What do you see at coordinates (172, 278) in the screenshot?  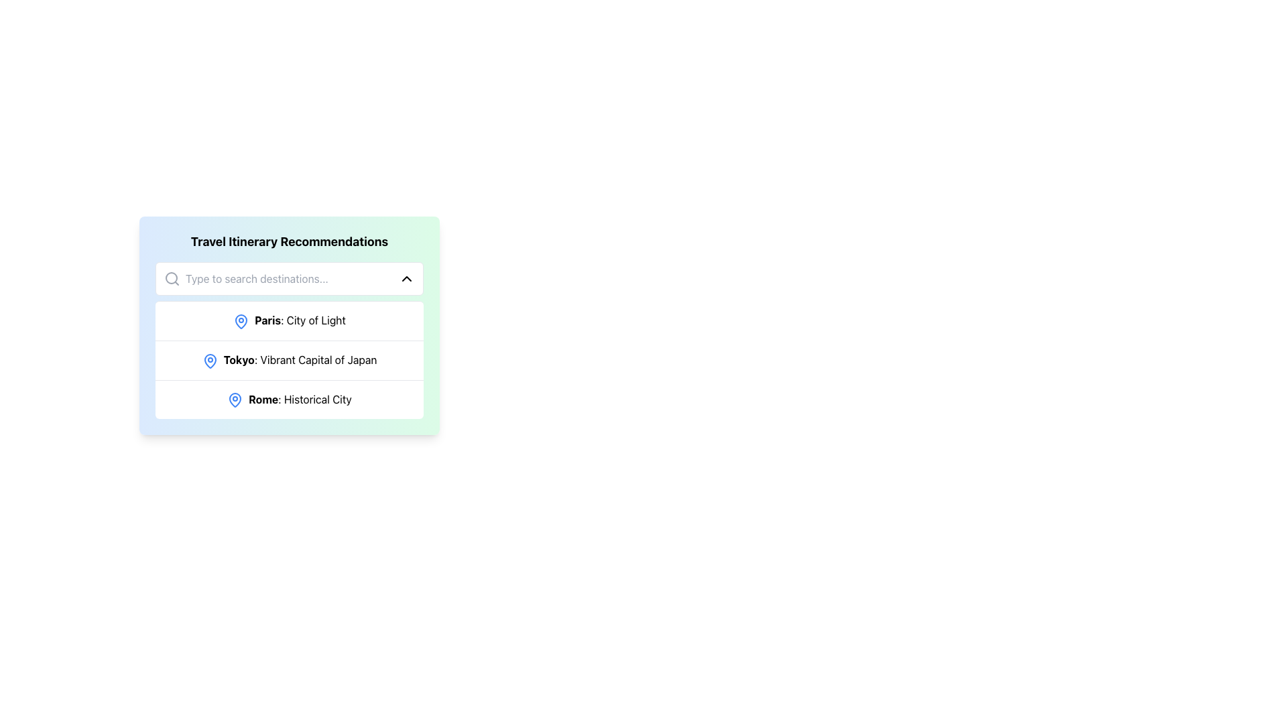 I see `the magnifying glass icon located on the left side of the search bar within the 'Travel Itinerary Recommendations' card` at bounding box center [172, 278].